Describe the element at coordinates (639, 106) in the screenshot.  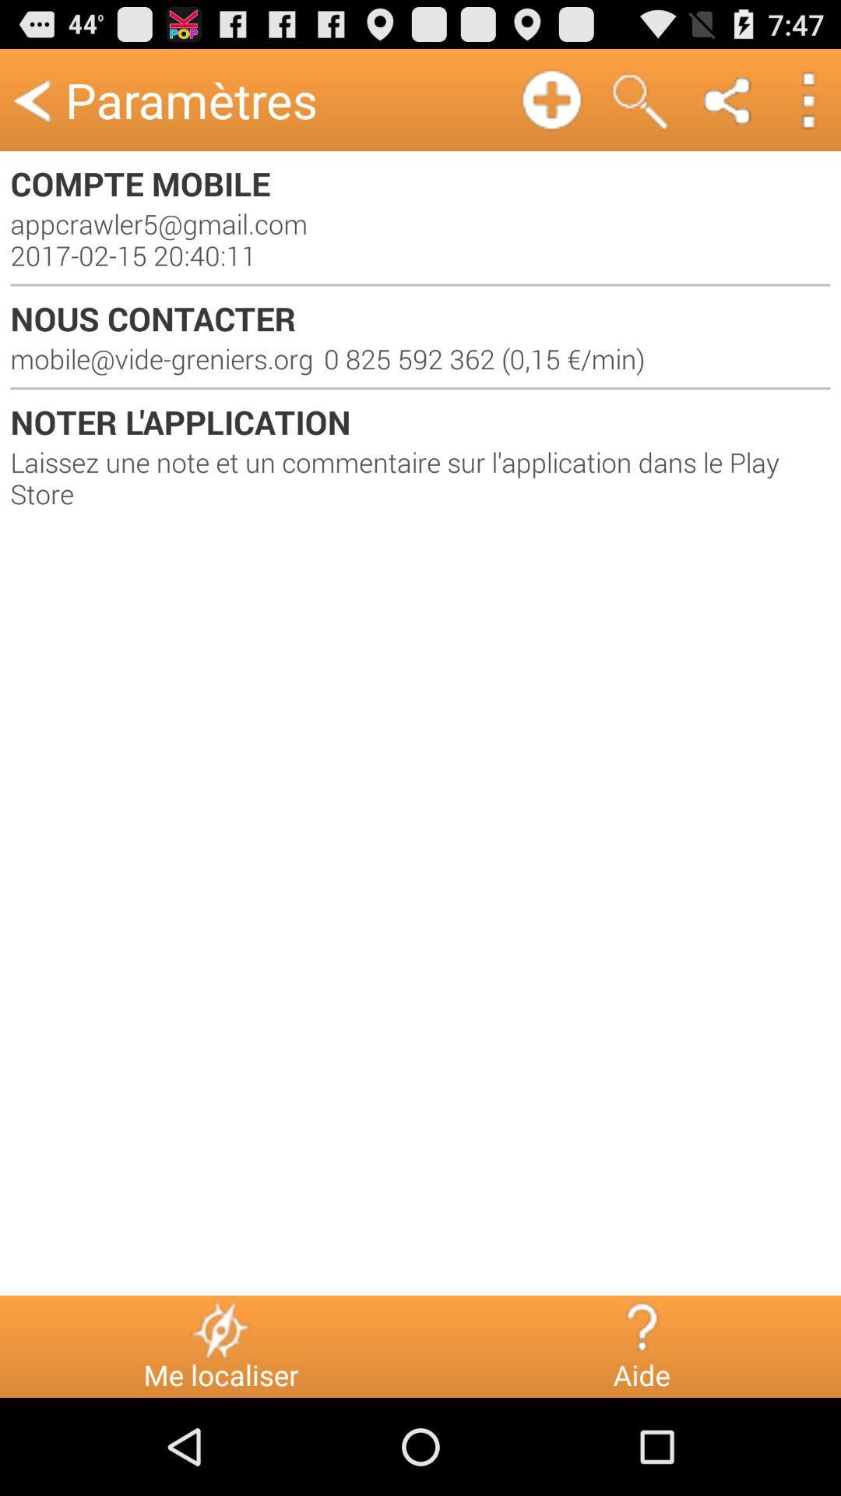
I see `the search icon` at that location.